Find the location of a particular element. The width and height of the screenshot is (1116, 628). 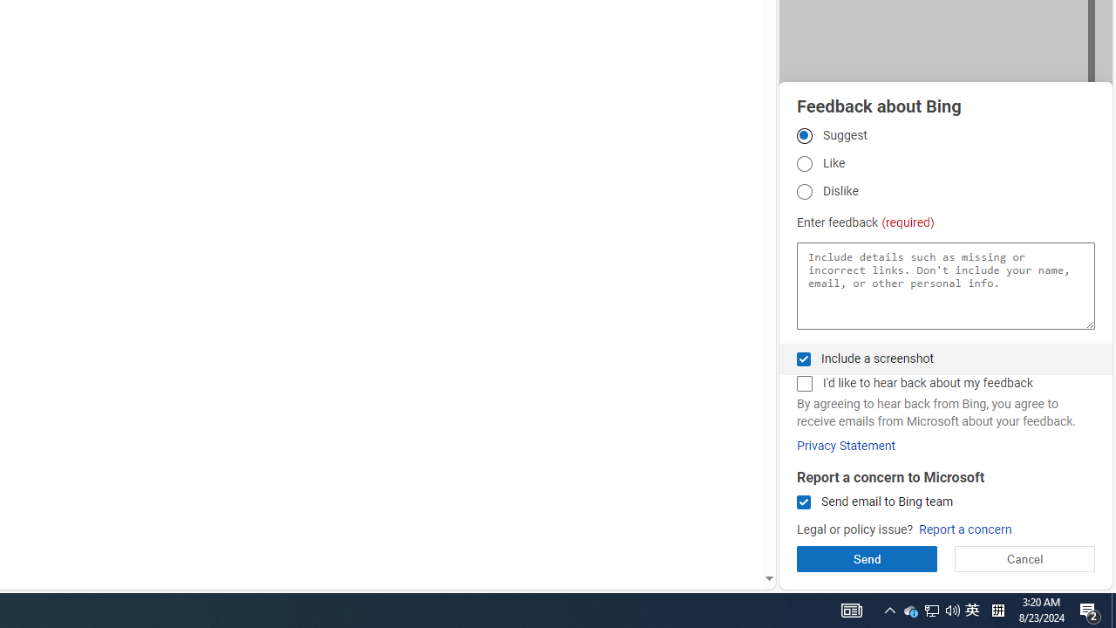

'Send' is located at coordinates (867, 558).